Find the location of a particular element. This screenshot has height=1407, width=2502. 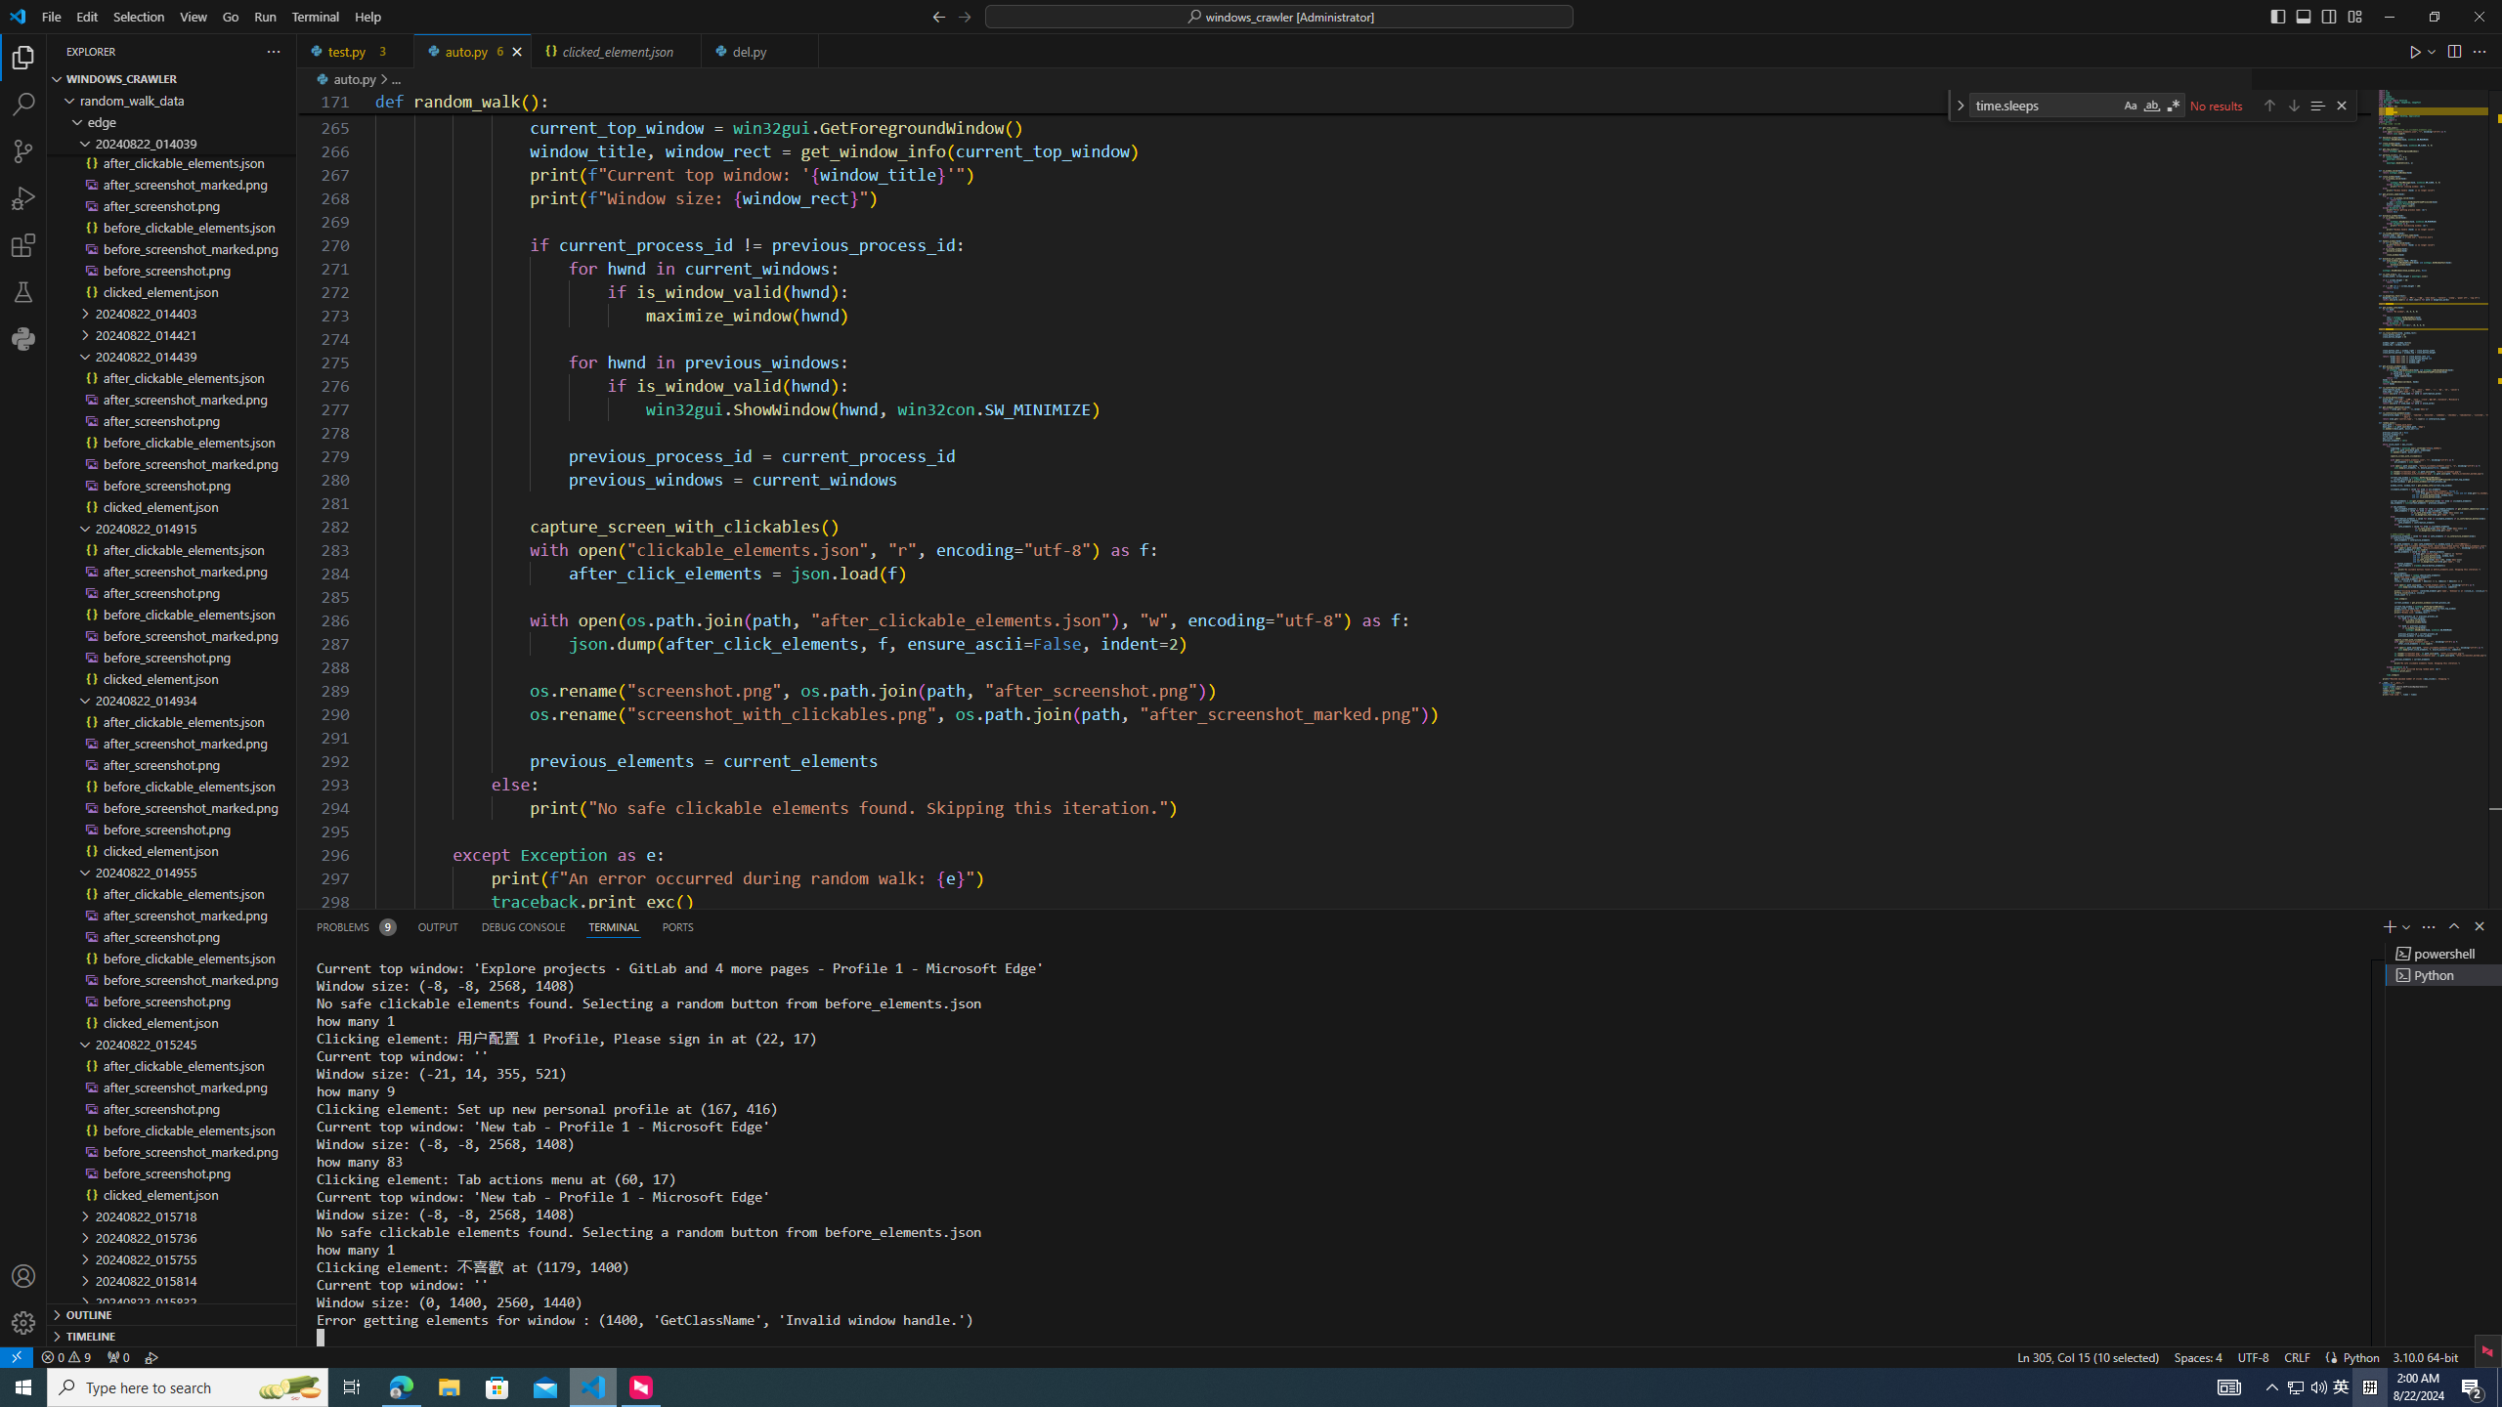

'Explorer (Ctrl+Shift+E)' is located at coordinates (23, 57).